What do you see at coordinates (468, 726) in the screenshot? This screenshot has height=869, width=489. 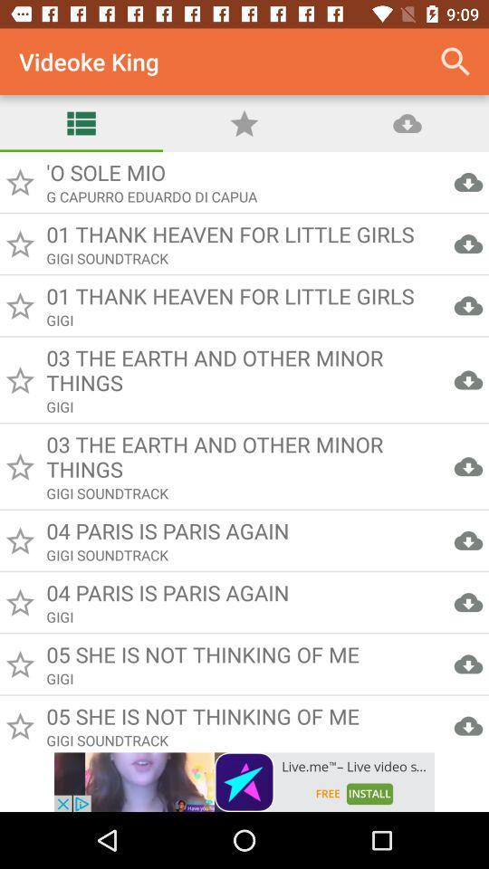 I see `the downward arrow in the bottom` at bounding box center [468, 726].